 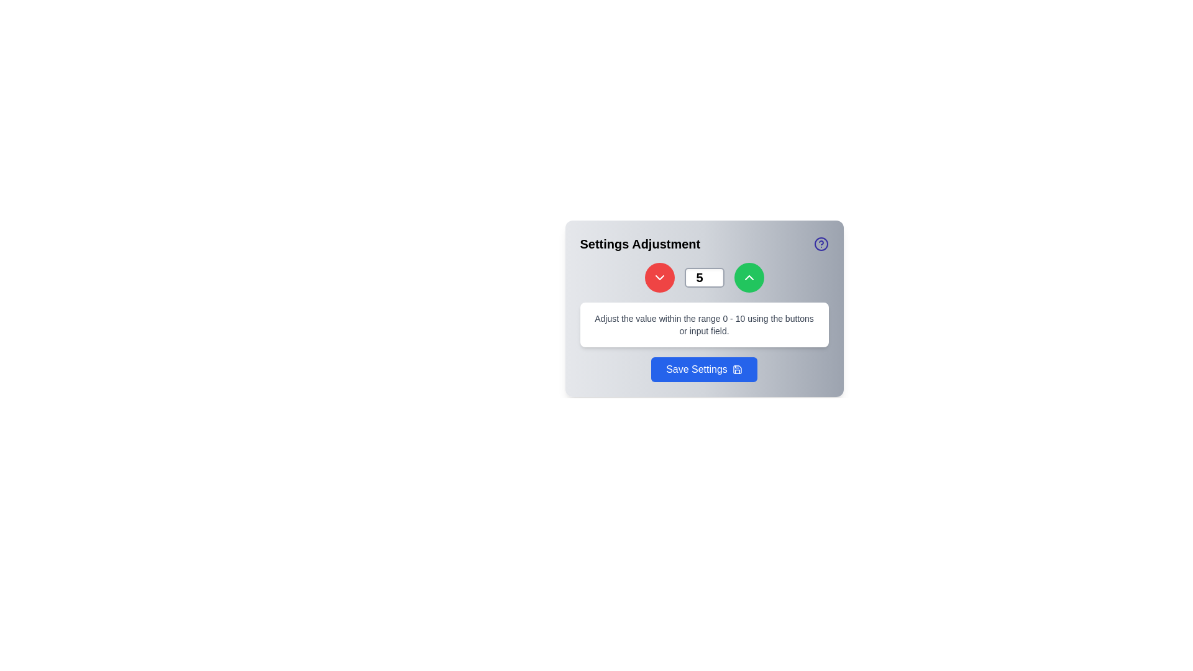 What do you see at coordinates (748, 277) in the screenshot?
I see `the increment button located to the right of the input field displaying the number 5` at bounding box center [748, 277].